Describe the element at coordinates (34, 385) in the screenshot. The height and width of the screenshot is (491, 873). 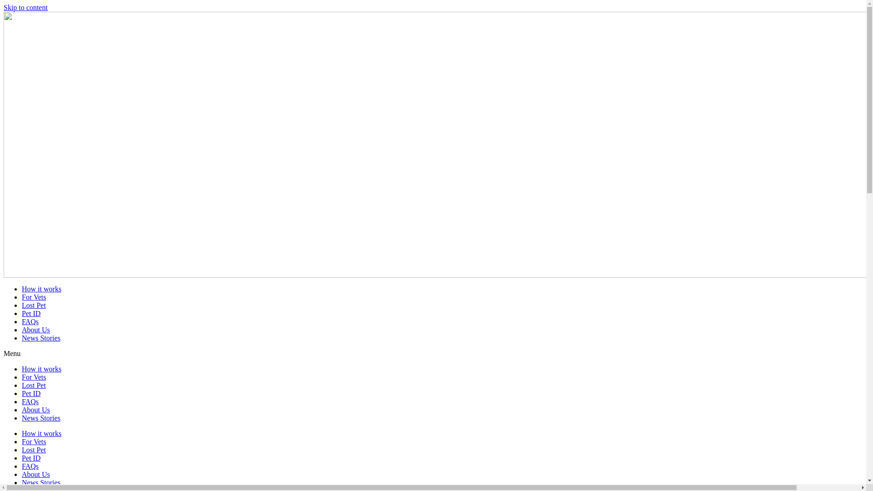
I see `'Lost Pet'` at that location.